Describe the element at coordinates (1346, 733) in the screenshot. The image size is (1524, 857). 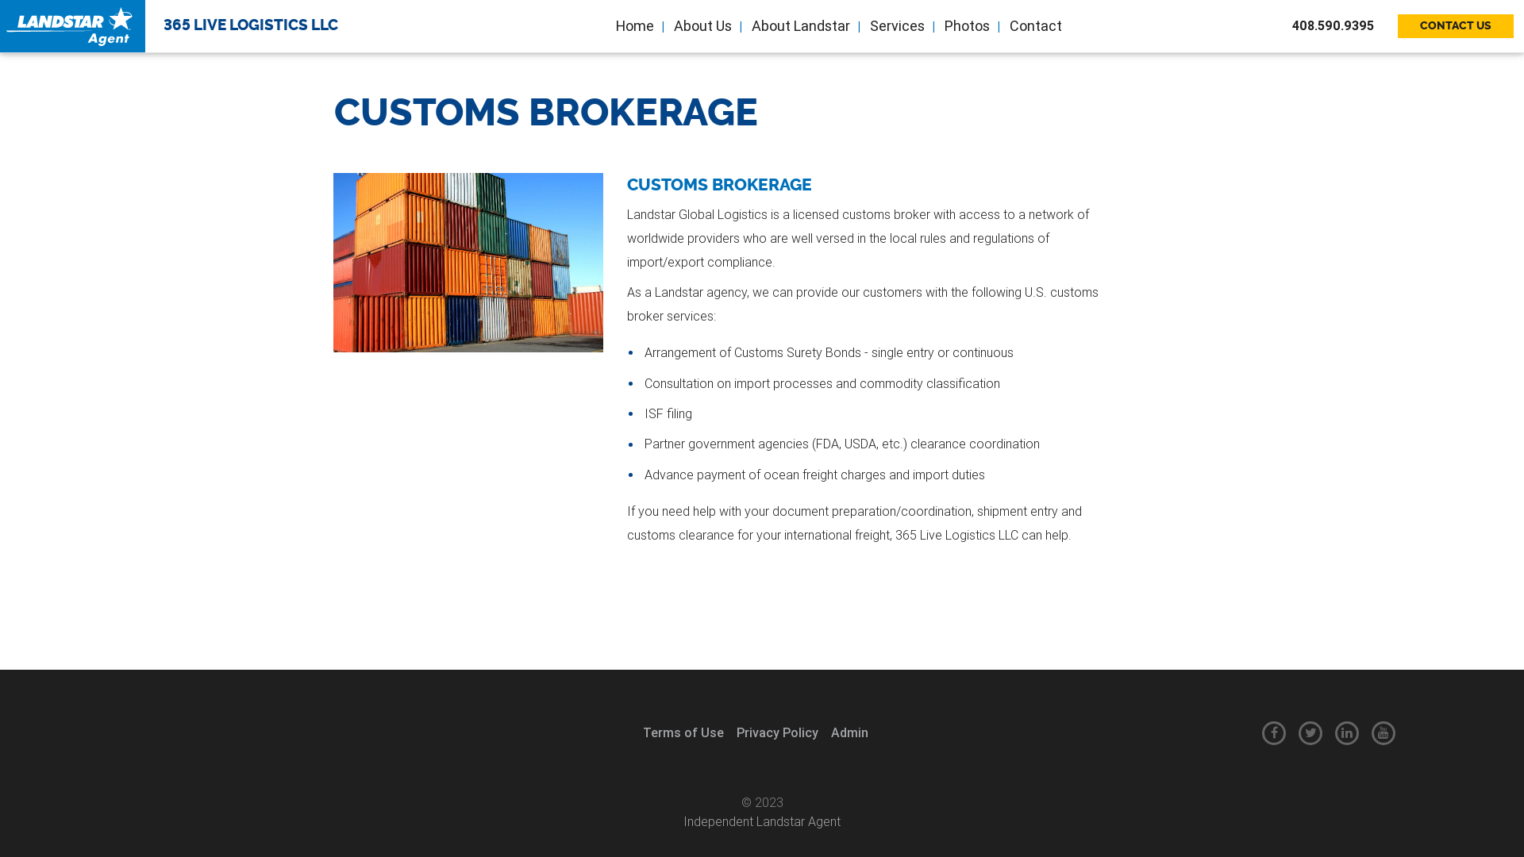
I see `'linkedin'` at that location.